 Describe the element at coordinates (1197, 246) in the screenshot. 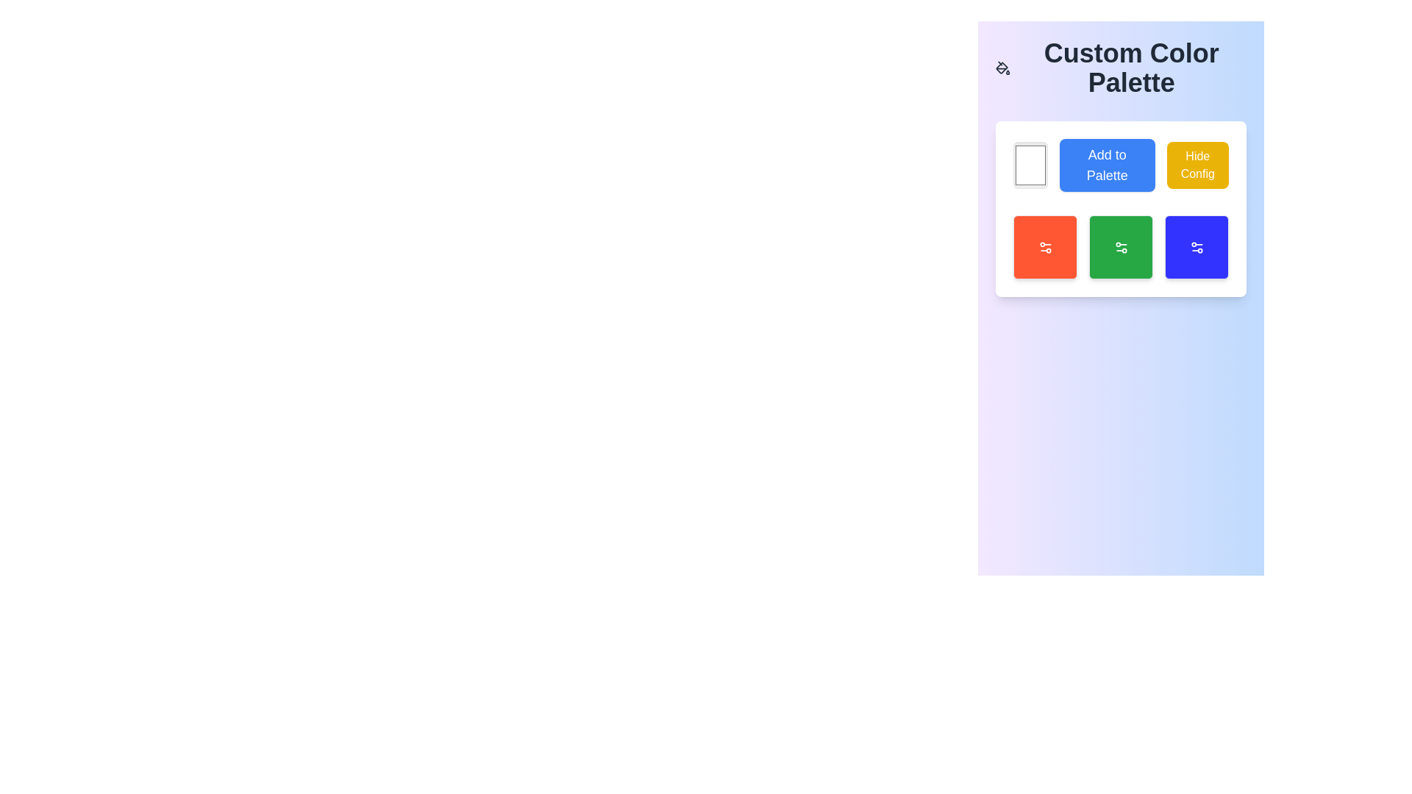

I see `the gear icon located at the bottom-right corner of the grid below the 'Custom Color Palette' text` at that location.